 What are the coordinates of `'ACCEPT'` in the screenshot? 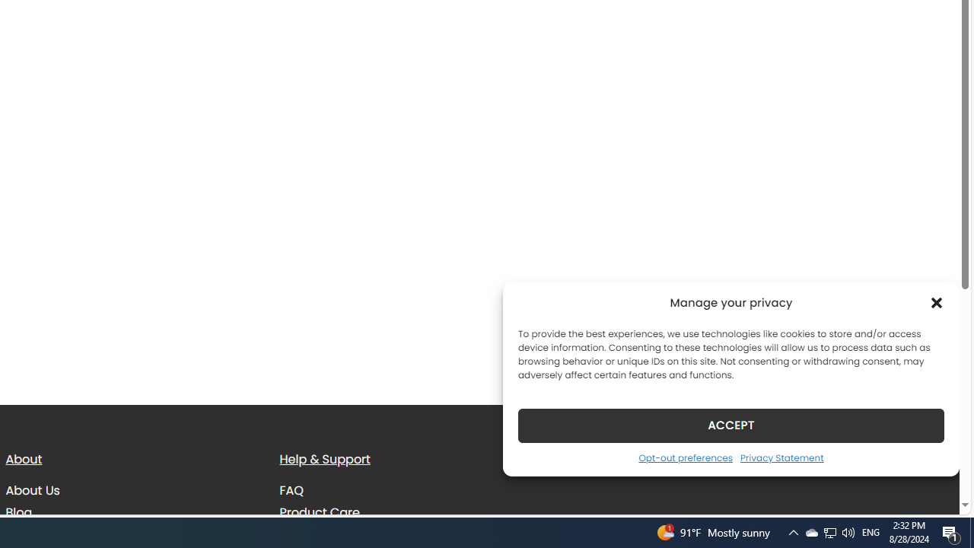 It's located at (731, 425).